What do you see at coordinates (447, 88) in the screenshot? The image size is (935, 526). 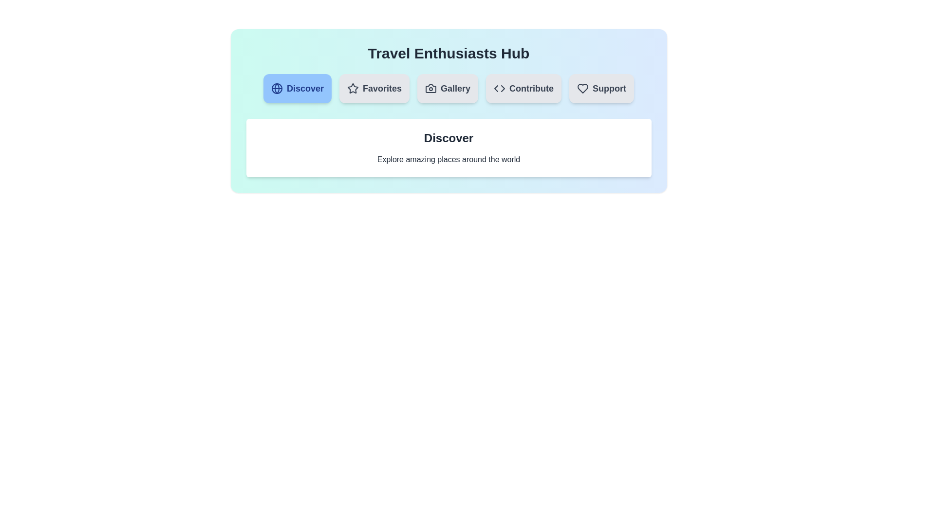 I see `the 'Gallery' button` at bounding box center [447, 88].